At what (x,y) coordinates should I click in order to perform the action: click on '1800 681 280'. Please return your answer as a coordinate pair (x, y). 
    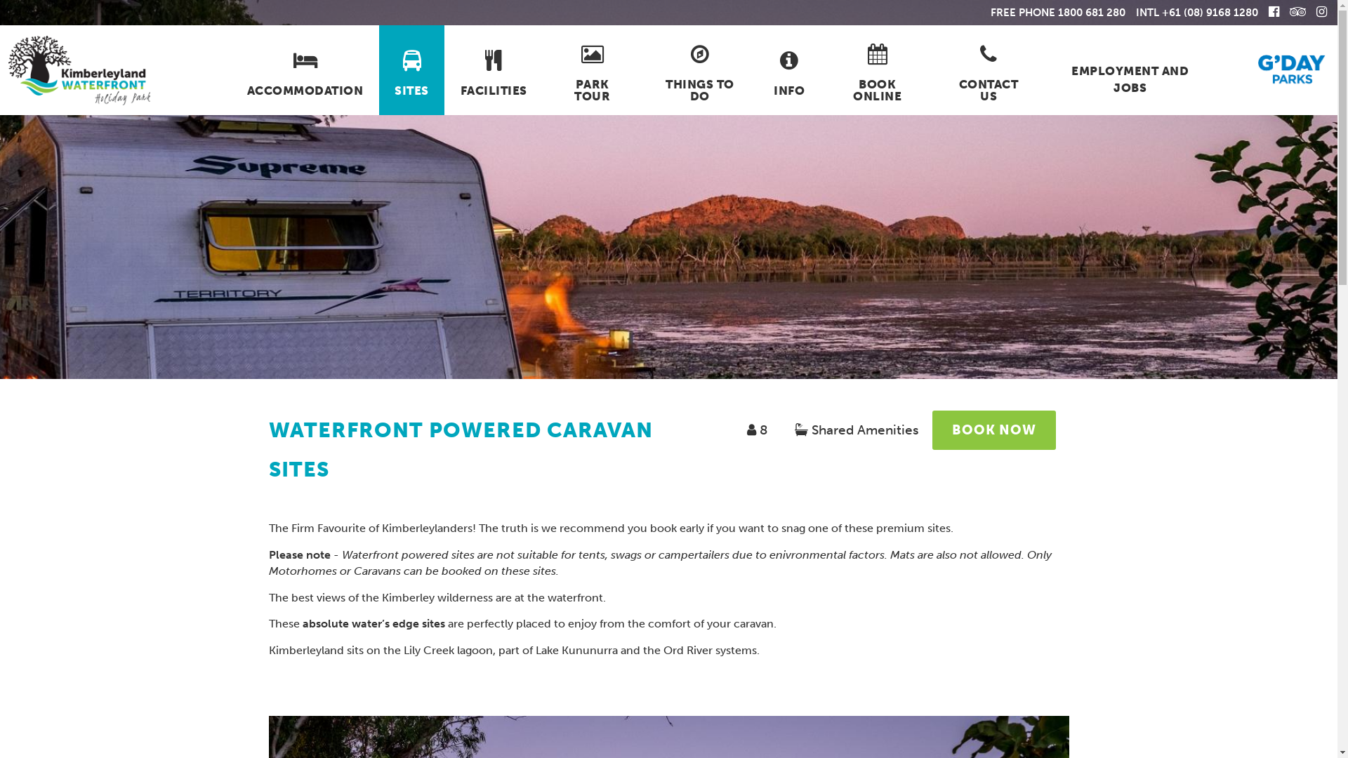
    Looking at the image, I should click on (1091, 11).